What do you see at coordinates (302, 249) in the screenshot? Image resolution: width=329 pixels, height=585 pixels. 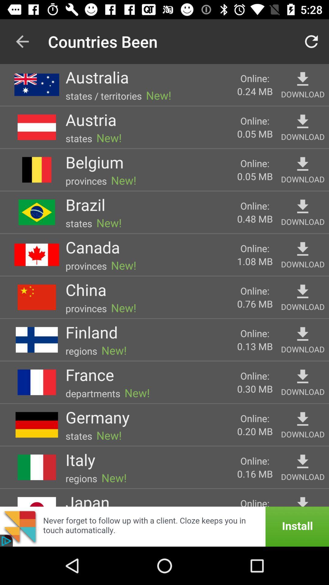 I see `download item` at bounding box center [302, 249].